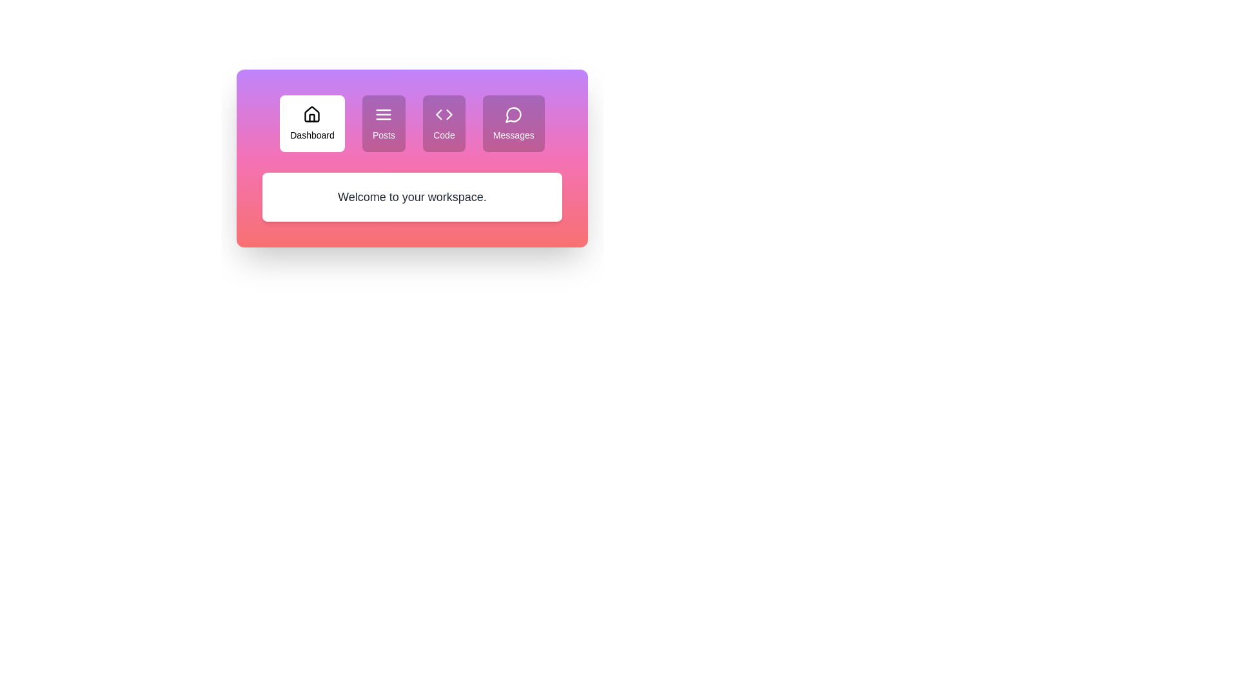  I want to click on the tab labeled Code to observe visual changes, so click(444, 124).